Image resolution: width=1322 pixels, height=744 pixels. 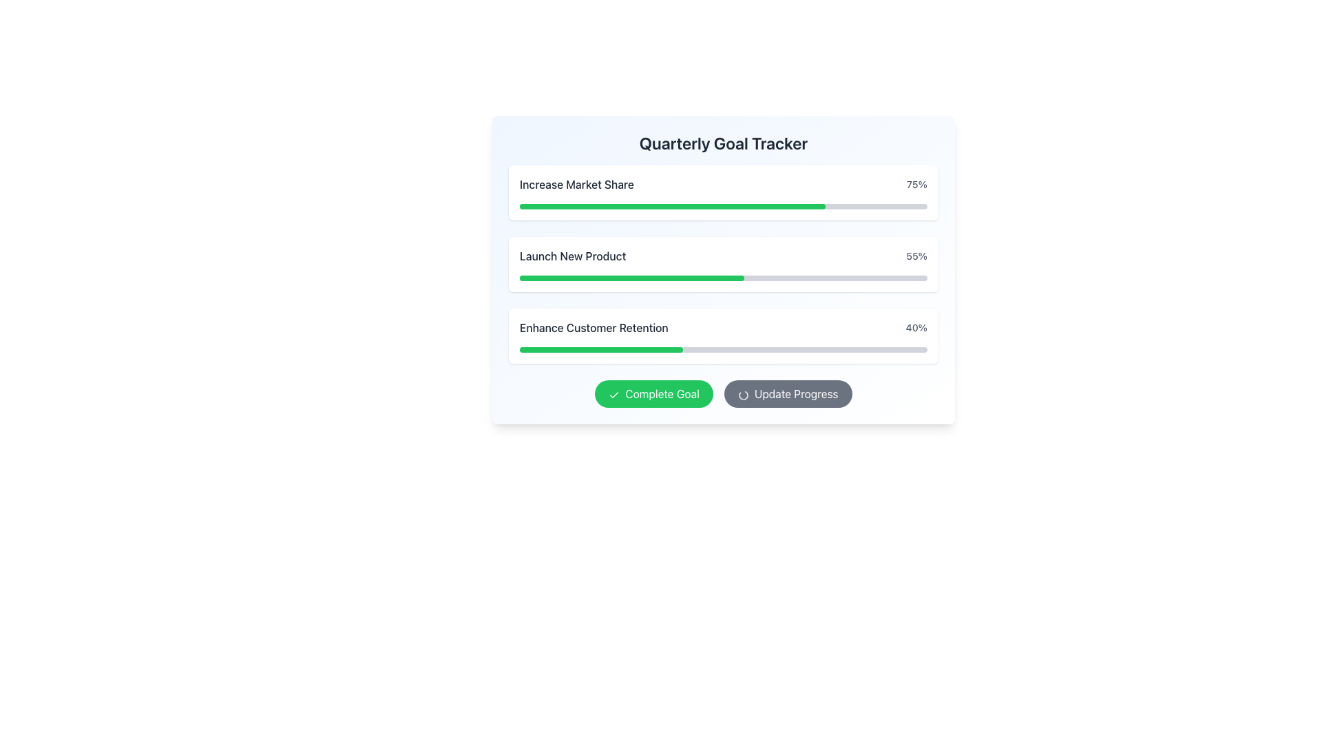 What do you see at coordinates (723, 349) in the screenshot?
I see `the Horizontal Progress Bar located in the 'Enhance Customer Retention' section, which is visually represented by a gray background and a green filled portion, positioned just below the text '40%'` at bounding box center [723, 349].